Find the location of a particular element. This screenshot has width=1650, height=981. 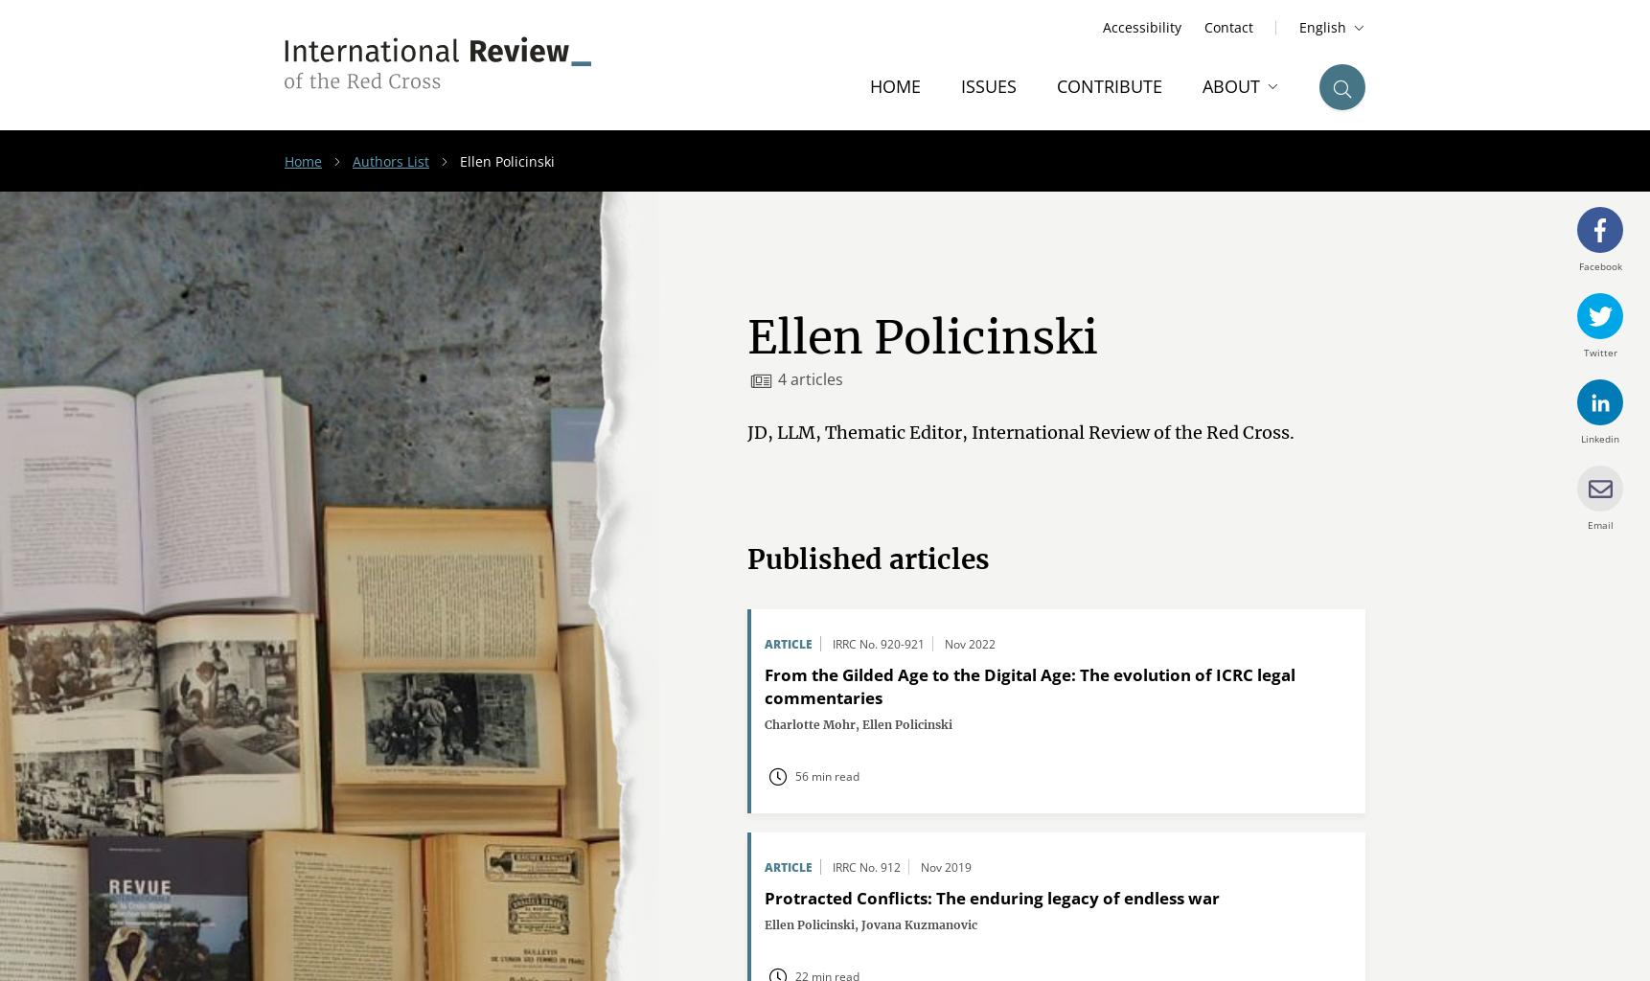

'Français' is located at coordinates (1314, 95).